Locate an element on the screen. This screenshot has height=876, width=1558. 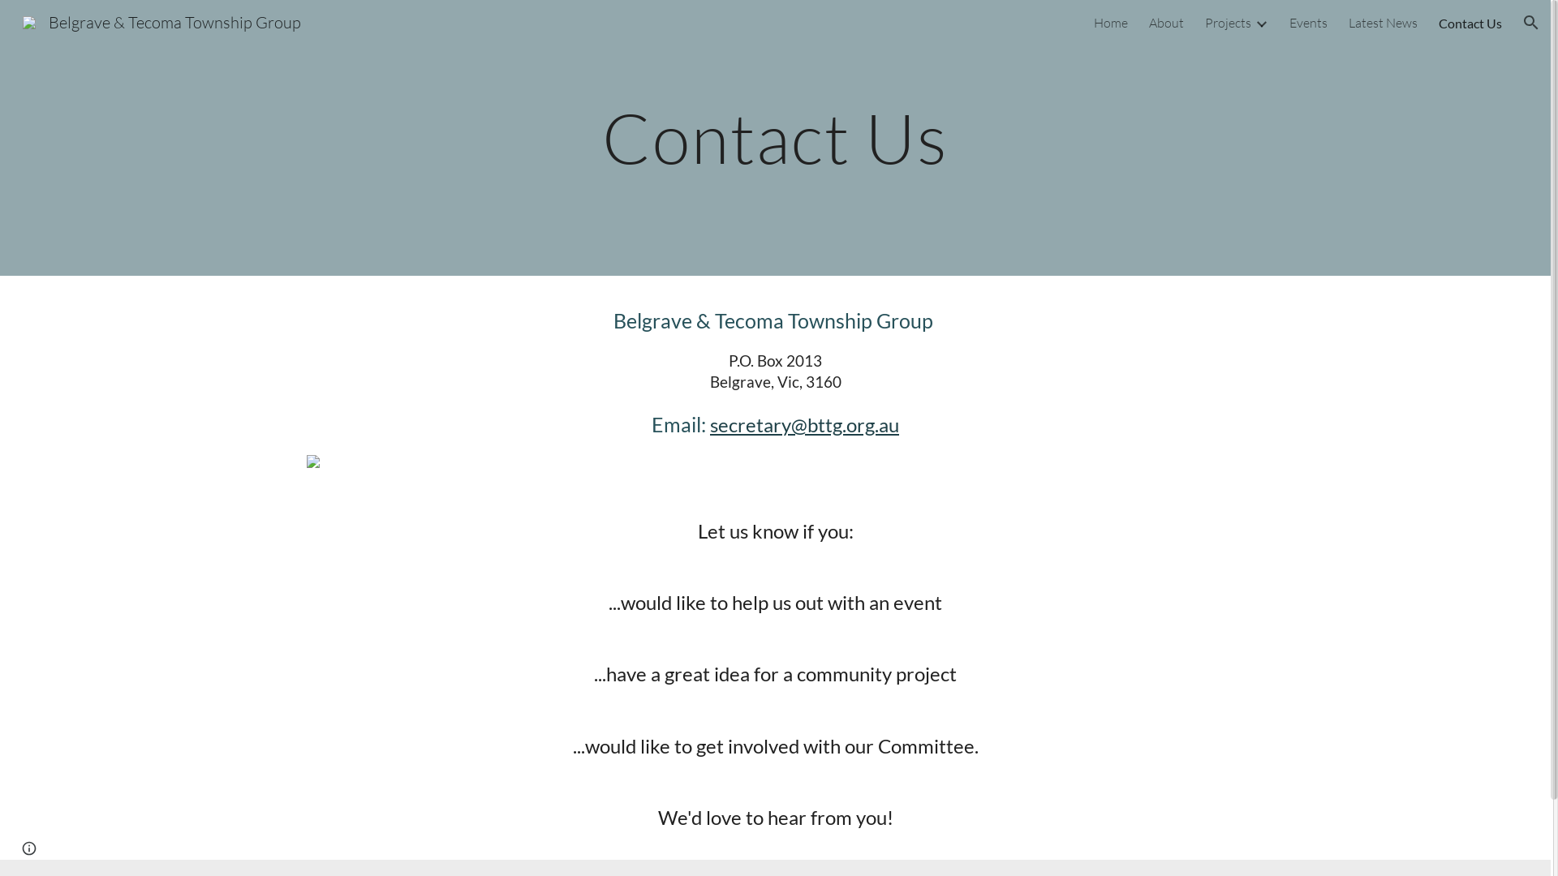
'Expand/Collapse' is located at coordinates (1253, 22).